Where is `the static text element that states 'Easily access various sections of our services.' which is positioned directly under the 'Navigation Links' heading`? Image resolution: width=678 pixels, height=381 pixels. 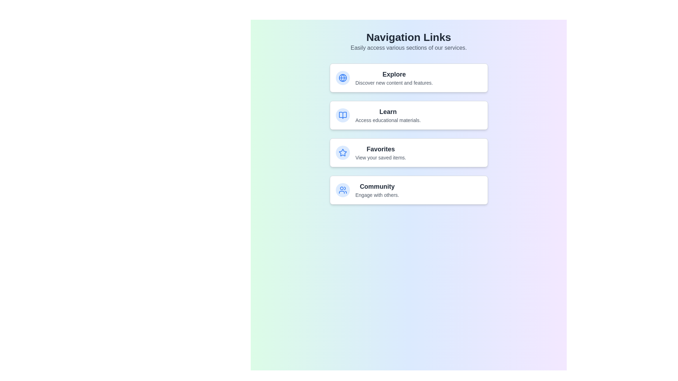
the static text element that states 'Easily access various sections of our services.' which is positioned directly under the 'Navigation Links' heading is located at coordinates (409, 48).